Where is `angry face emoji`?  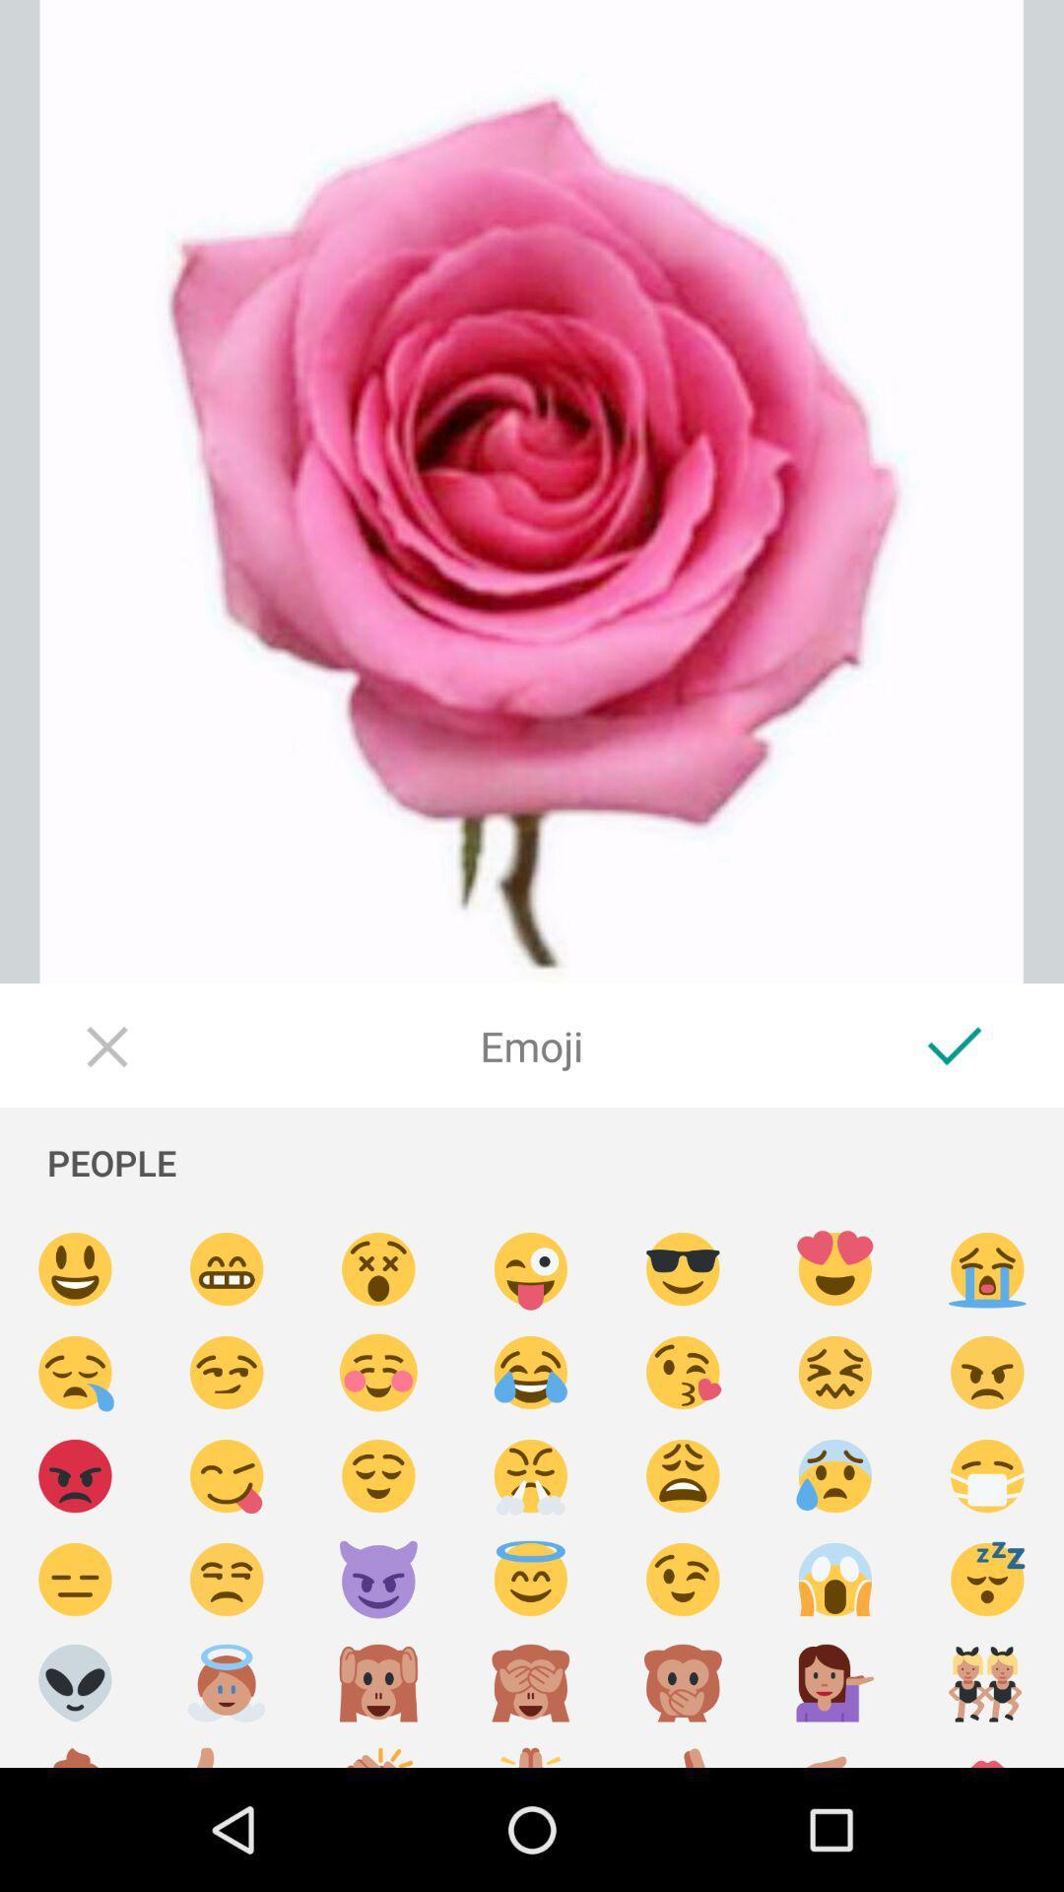
angry face emoji is located at coordinates (74, 1476).